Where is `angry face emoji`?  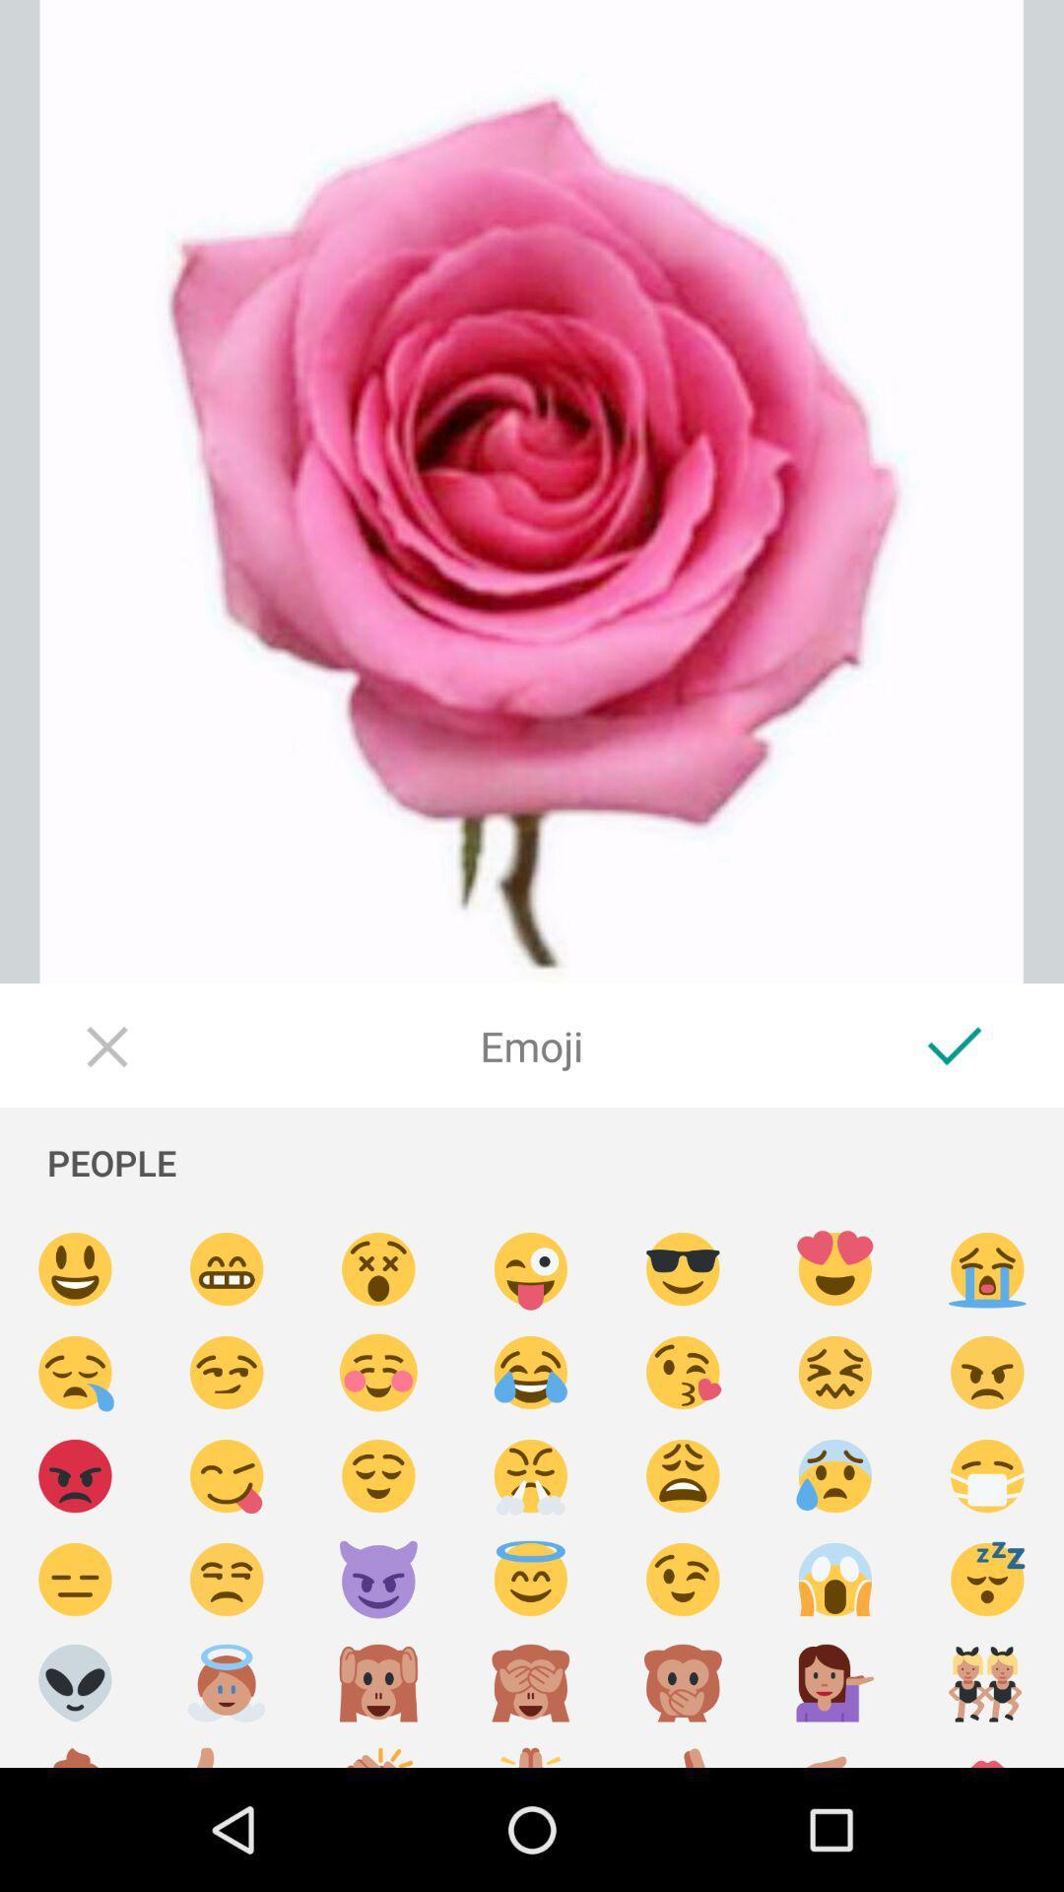
angry face emoji is located at coordinates (74, 1476).